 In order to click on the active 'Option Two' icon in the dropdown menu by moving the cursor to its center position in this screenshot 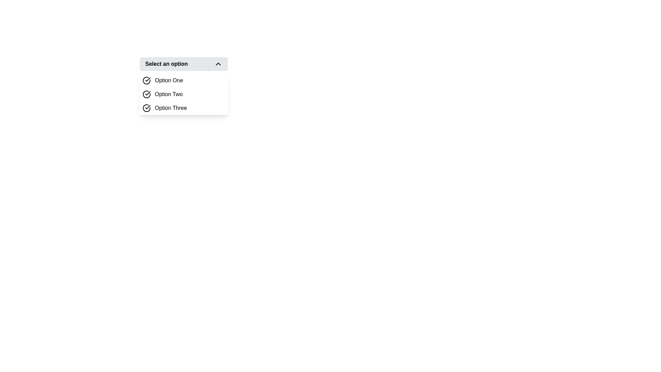, I will do `click(147, 93)`.